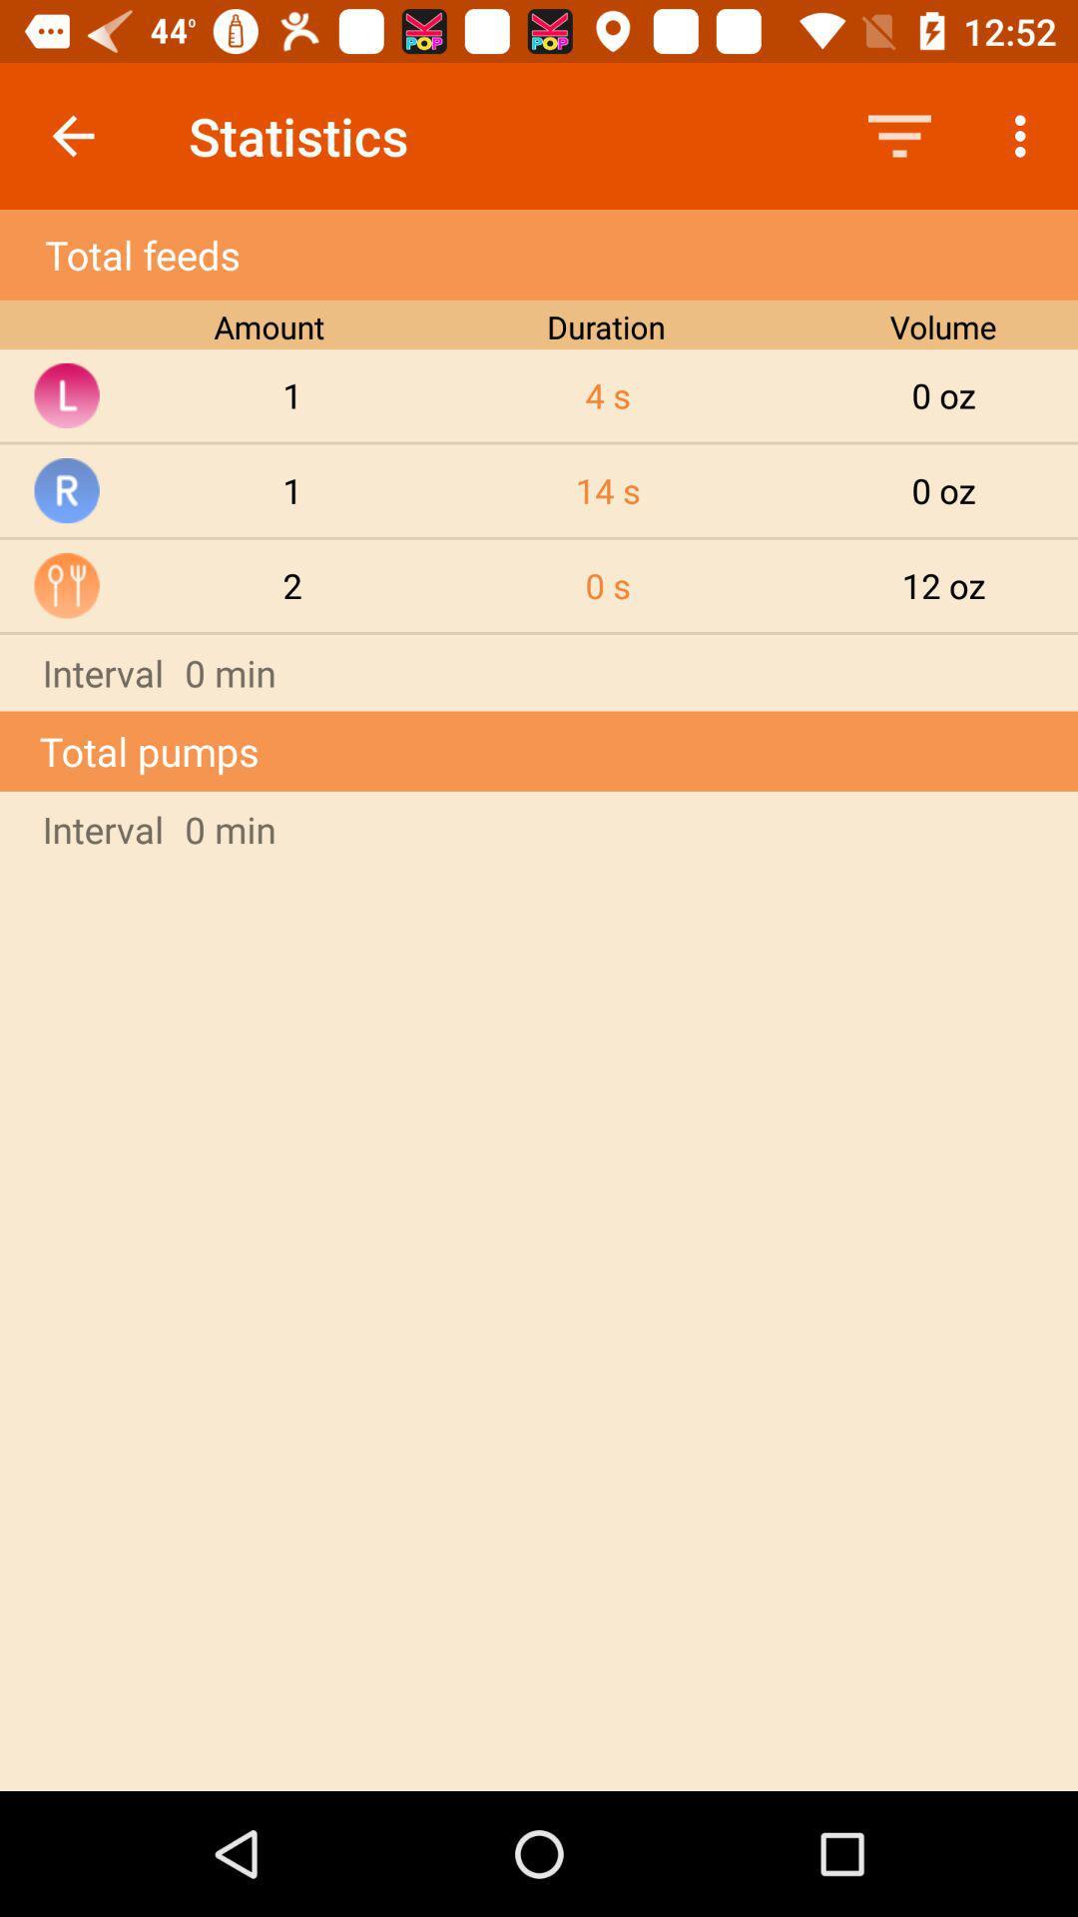 The width and height of the screenshot is (1078, 1917). What do you see at coordinates (607, 584) in the screenshot?
I see `the item next to the 0 oz icon` at bounding box center [607, 584].